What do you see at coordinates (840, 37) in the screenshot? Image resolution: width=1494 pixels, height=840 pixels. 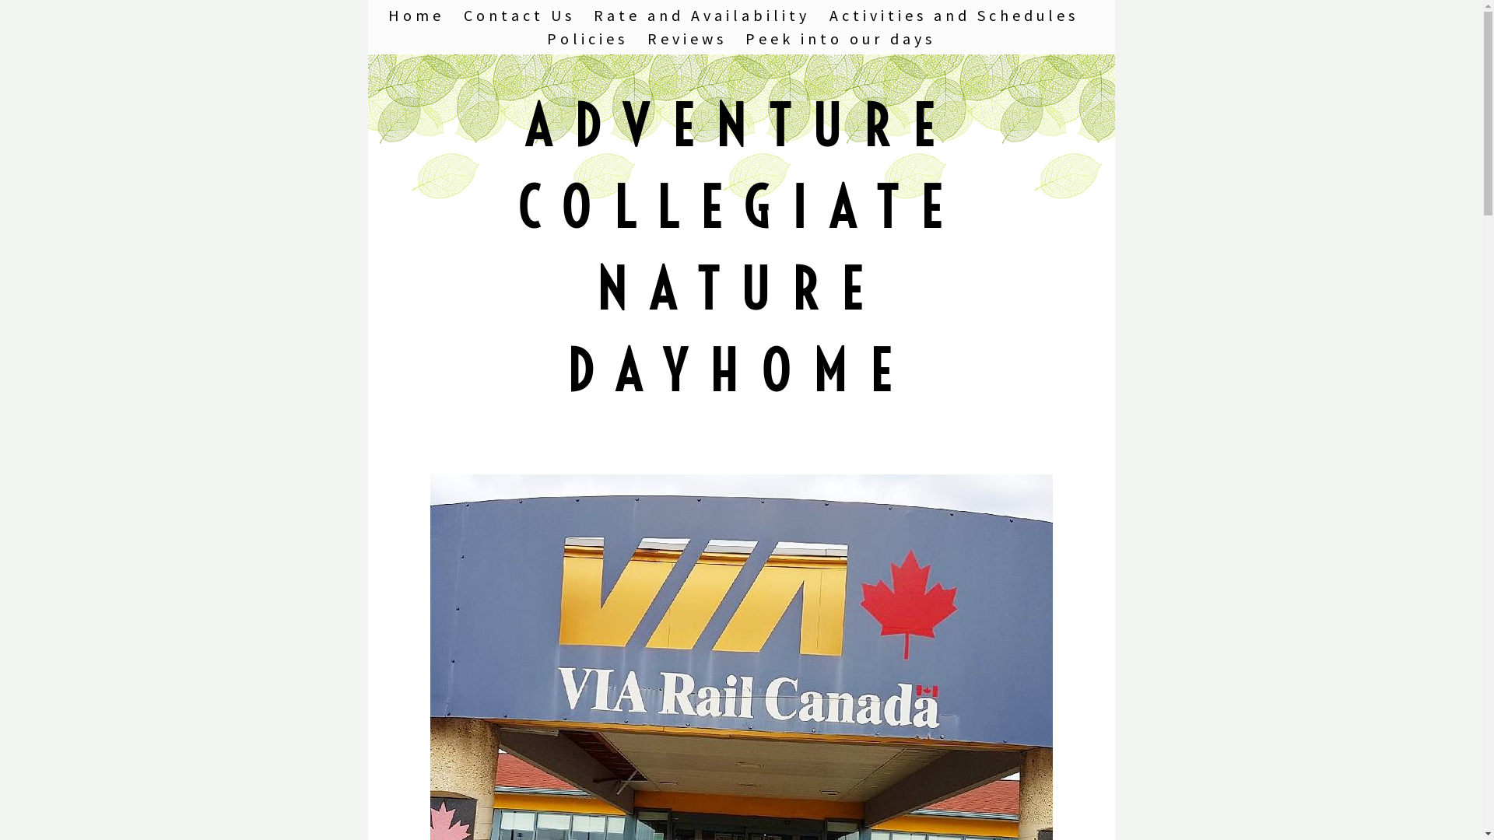 I see `'Peek into our days'` at bounding box center [840, 37].